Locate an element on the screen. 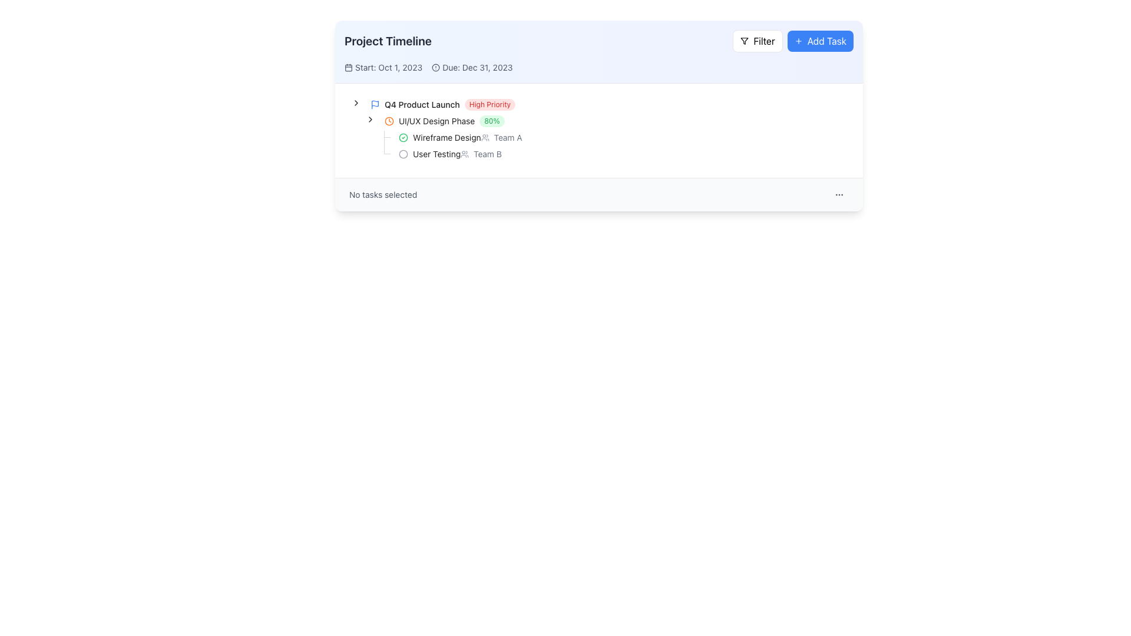 This screenshot has height=636, width=1131. on the task element representing a specific phase or task within the project timeline, located under 'Q4 Product Launch' is located at coordinates (444, 121).